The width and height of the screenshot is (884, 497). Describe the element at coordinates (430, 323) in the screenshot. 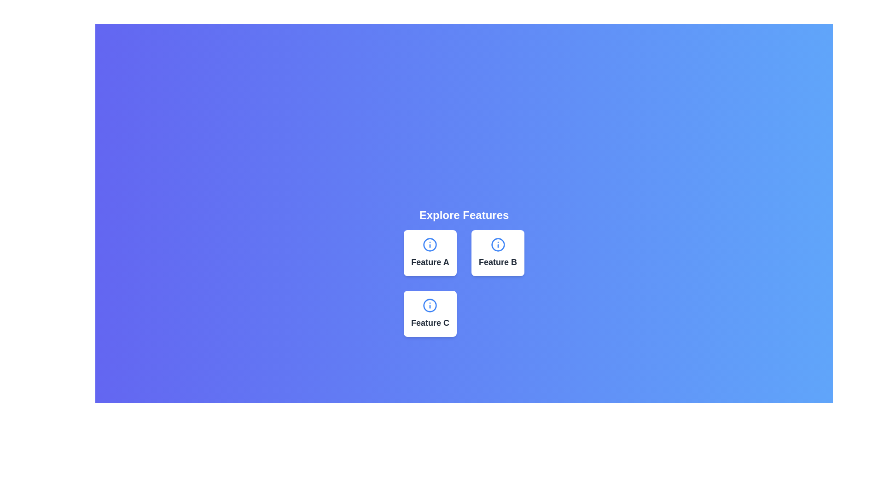

I see `the text label that describes the third feature card, which is centrally positioned at the bottom of the card containing the blue icon above it` at that location.